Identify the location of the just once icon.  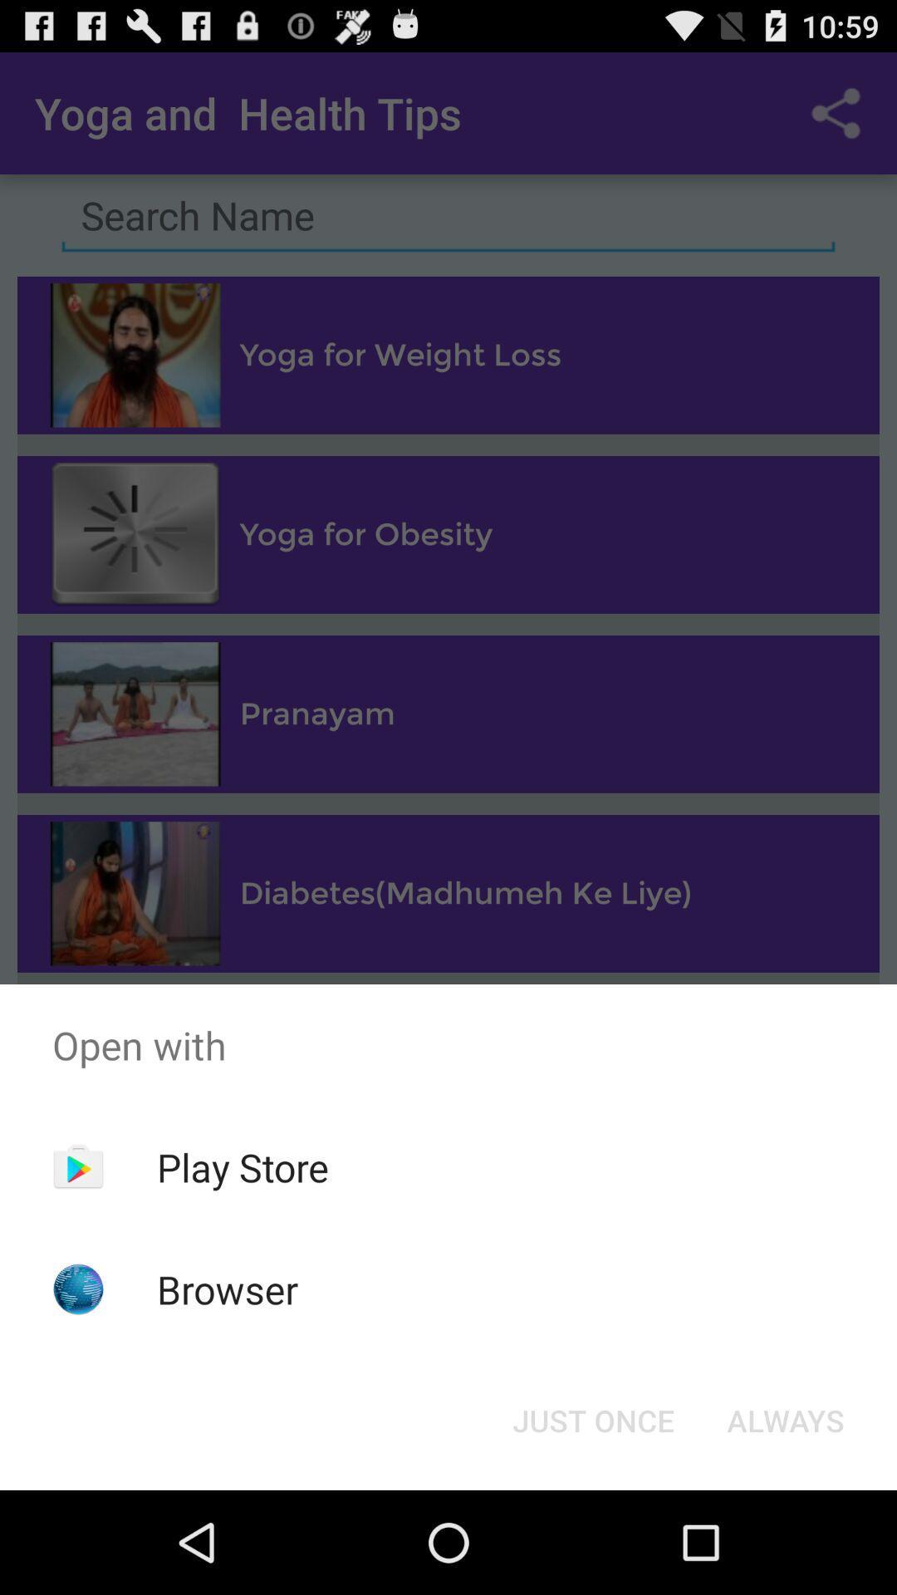
(592, 1419).